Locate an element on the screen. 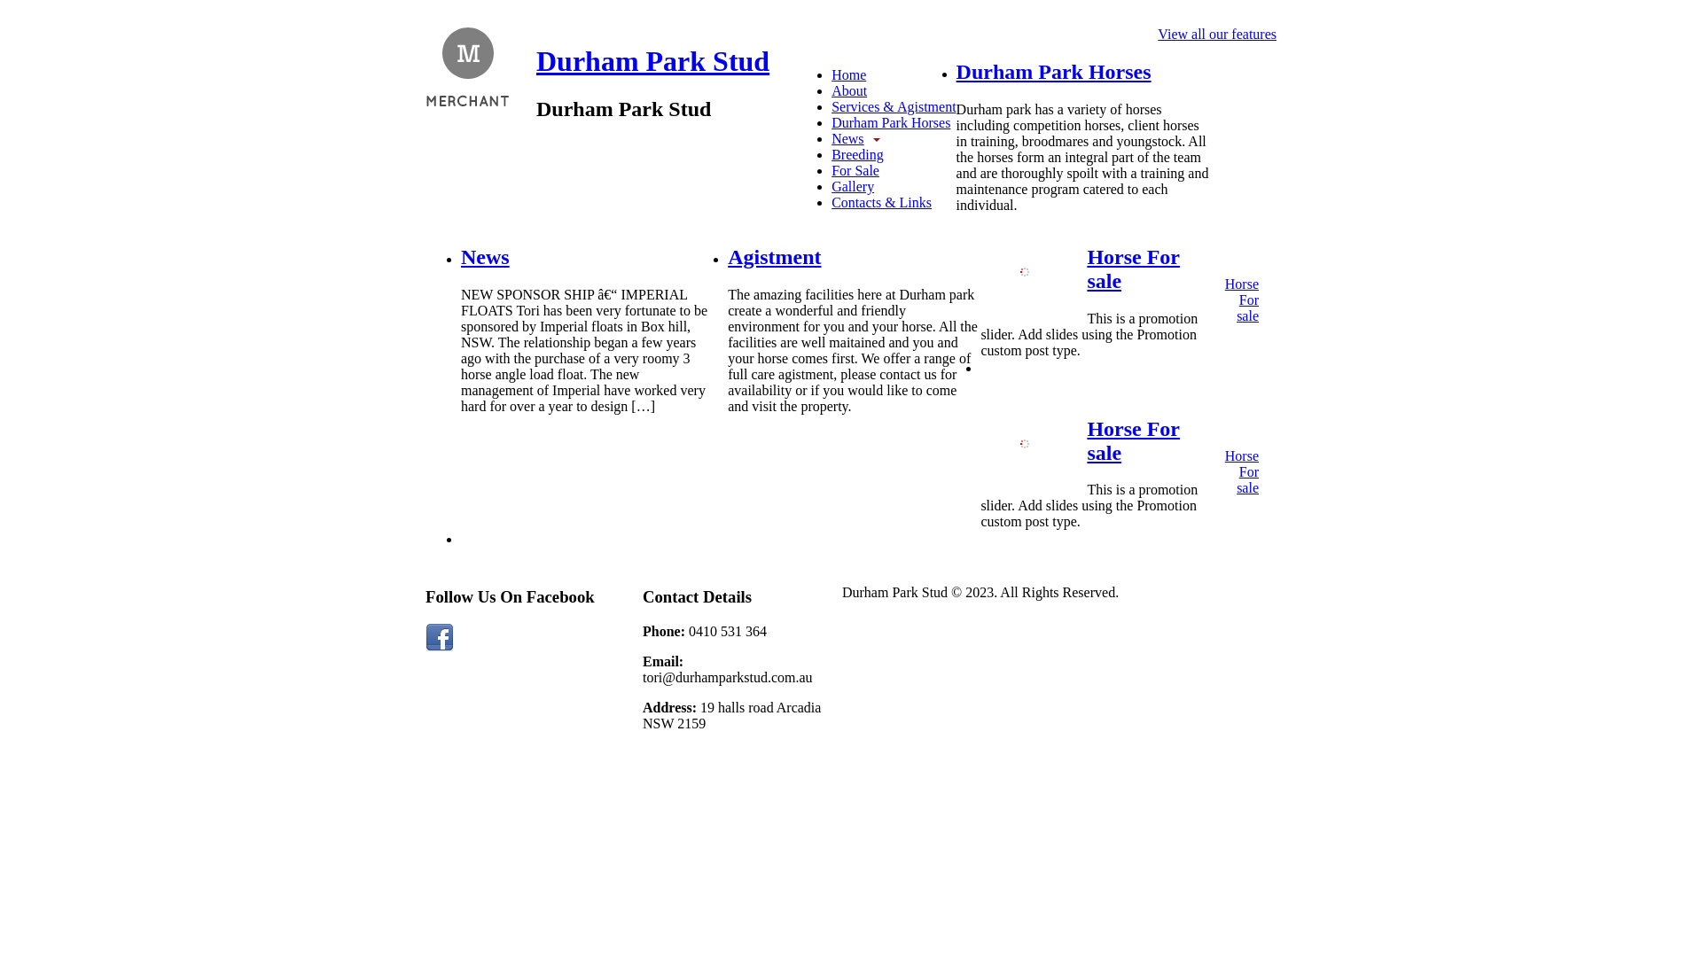 The width and height of the screenshot is (1702, 957). 'Durham Park Stud' is located at coordinates (535, 60).